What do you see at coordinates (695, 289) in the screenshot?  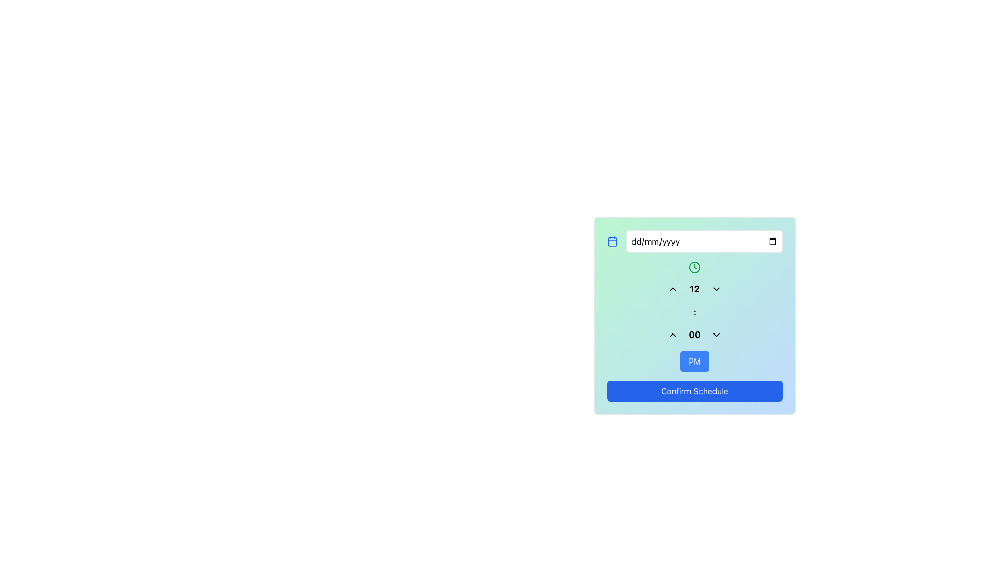 I see `the bold text display showing '12' in a large font, which is centered within the time selection section` at bounding box center [695, 289].